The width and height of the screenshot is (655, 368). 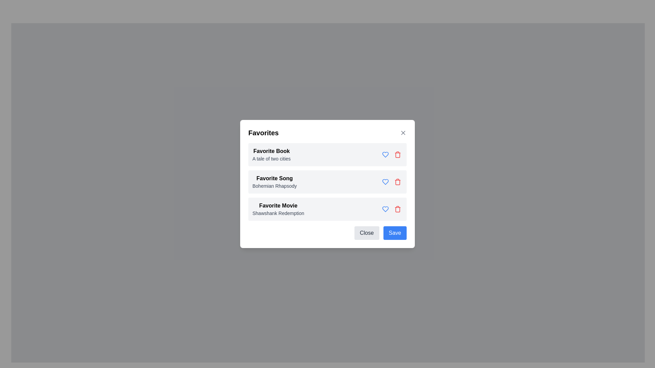 I want to click on the 'X' icon in the top-right corner of the 'Favorites' modal, so click(x=403, y=133).